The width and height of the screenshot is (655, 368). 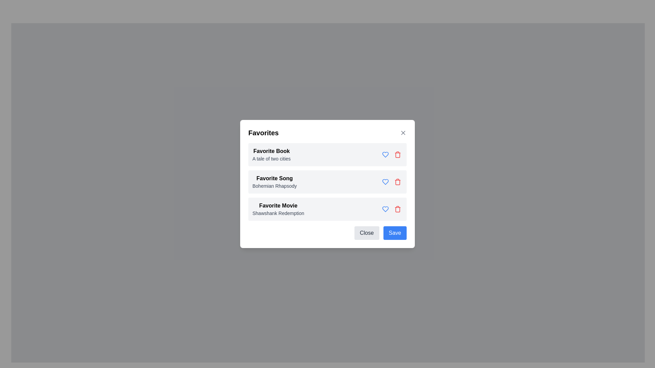 I want to click on the 'X' icon in the top-right corner of the 'Favorites' modal, so click(x=403, y=133).